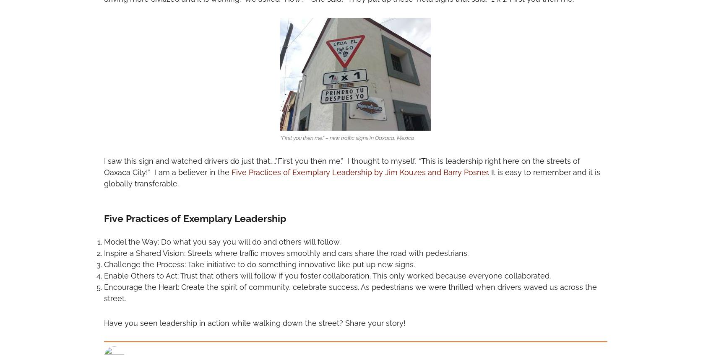 The width and height of the screenshot is (711, 356). What do you see at coordinates (359, 172) in the screenshot?
I see `'Five Practices of Exemplary Leadership by Jim Kouzes and Barry Posner'` at bounding box center [359, 172].